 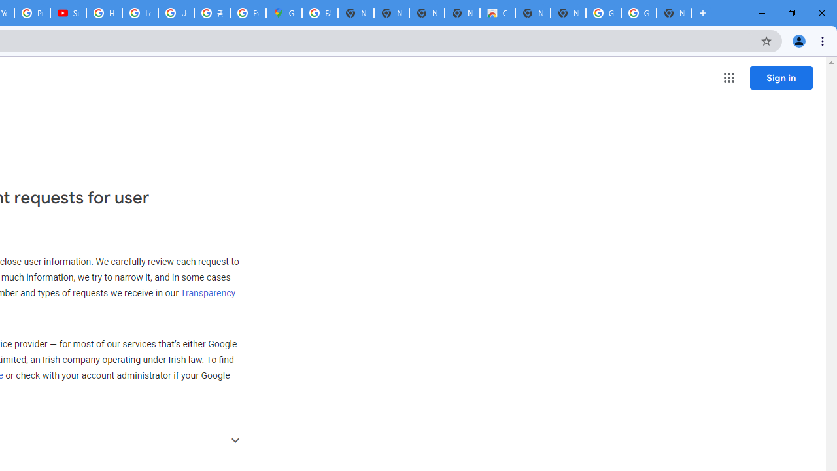 I want to click on 'New Tab', so click(x=674, y=13).